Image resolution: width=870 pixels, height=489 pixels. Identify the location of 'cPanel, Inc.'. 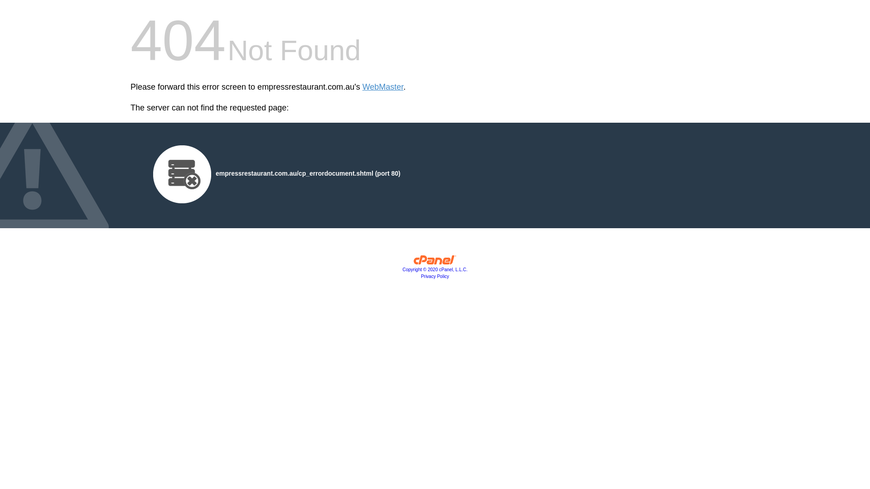
(435, 262).